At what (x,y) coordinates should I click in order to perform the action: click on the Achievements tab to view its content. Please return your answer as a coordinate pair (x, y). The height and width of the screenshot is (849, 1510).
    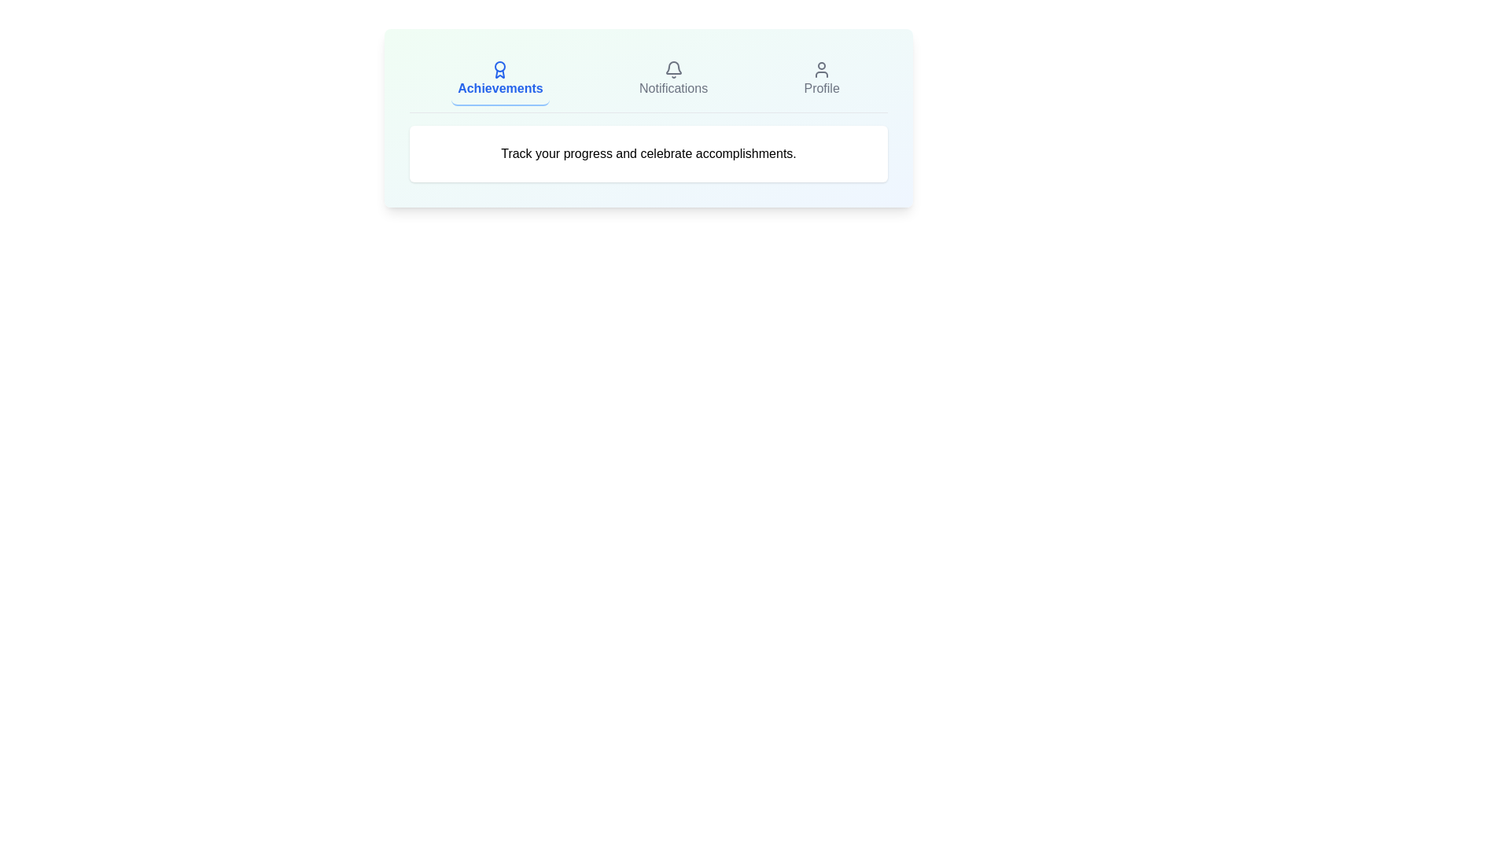
    Looking at the image, I should click on (499, 79).